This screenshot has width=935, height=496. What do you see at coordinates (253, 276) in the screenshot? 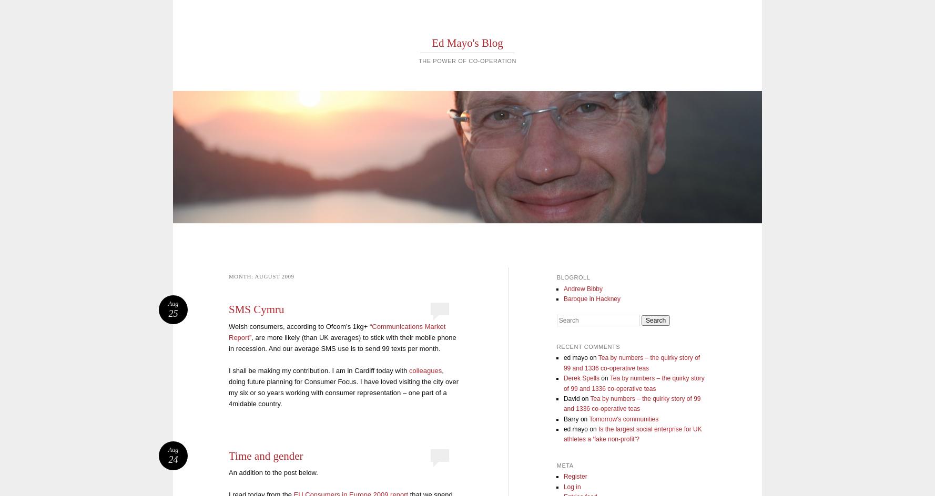
I see `'August 2009'` at bounding box center [253, 276].